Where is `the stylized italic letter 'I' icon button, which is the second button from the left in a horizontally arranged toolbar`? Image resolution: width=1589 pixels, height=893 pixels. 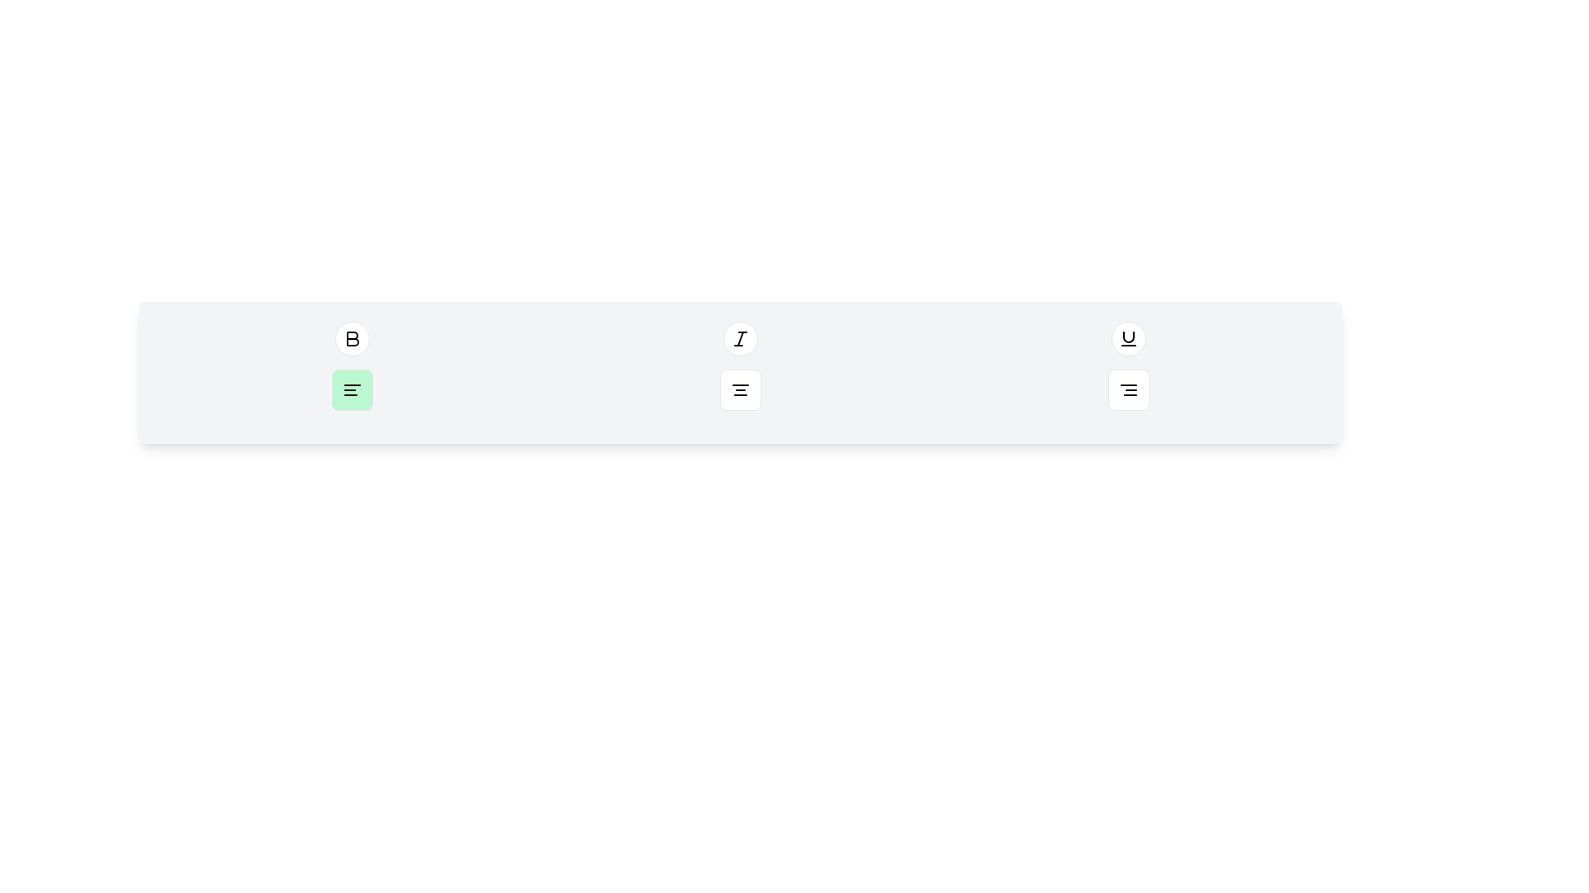 the stylized italic letter 'I' icon button, which is the second button from the left in a horizontally arranged toolbar is located at coordinates (739, 337).